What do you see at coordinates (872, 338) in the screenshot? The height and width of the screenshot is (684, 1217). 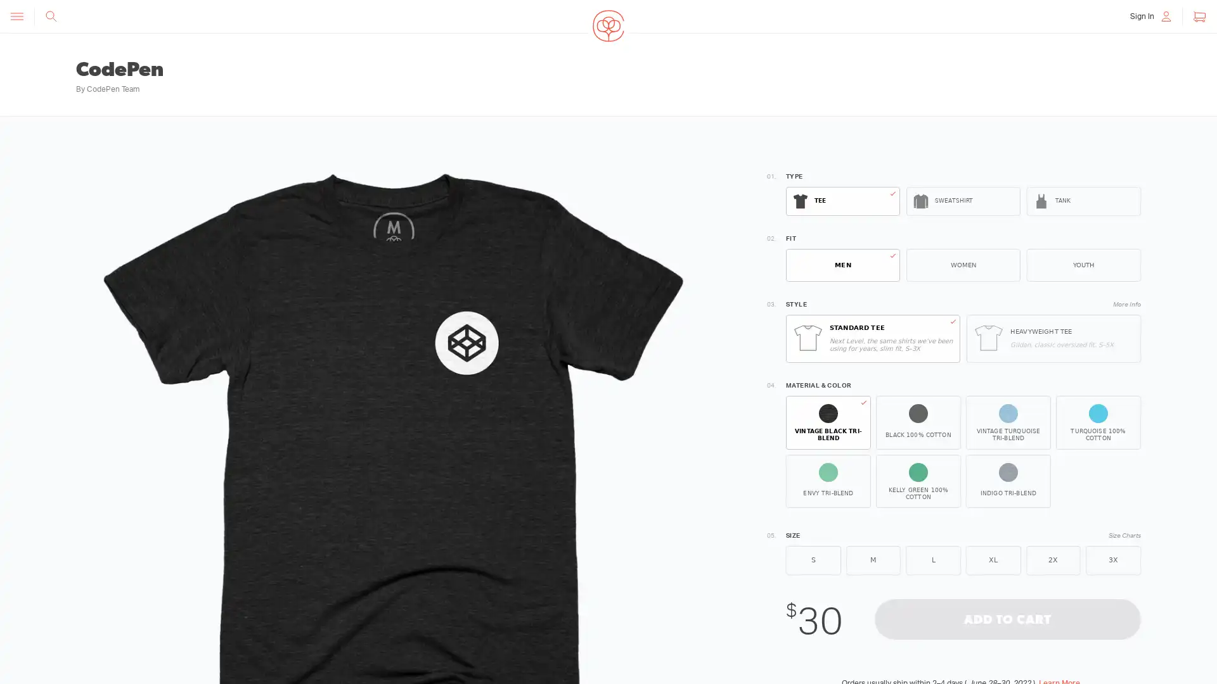 I see `STANDARD TEE Next Level, the same shirts weve been using for years, slim fit, S3X` at bounding box center [872, 338].